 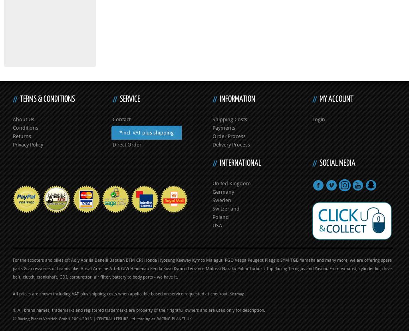 What do you see at coordinates (126, 144) in the screenshot?
I see `'Direct Order'` at bounding box center [126, 144].